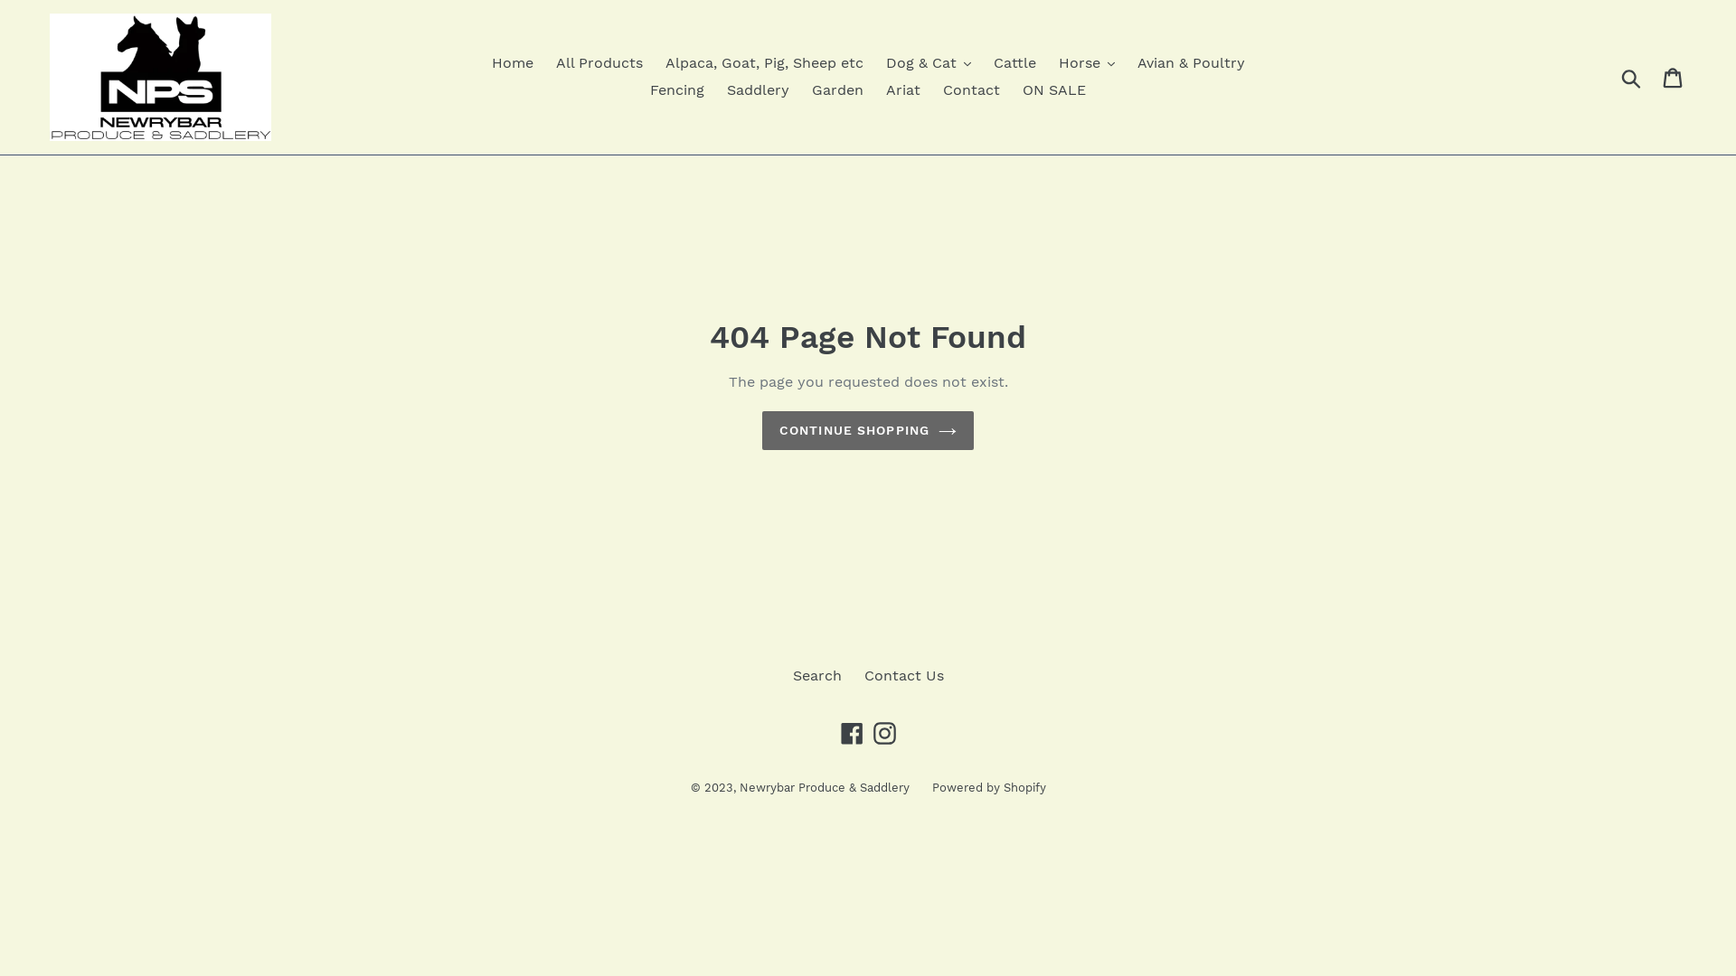  What do you see at coordinates (1014, 61) in the screenshot?
I see `'Cattle'` at bounding box center [1014, 61].